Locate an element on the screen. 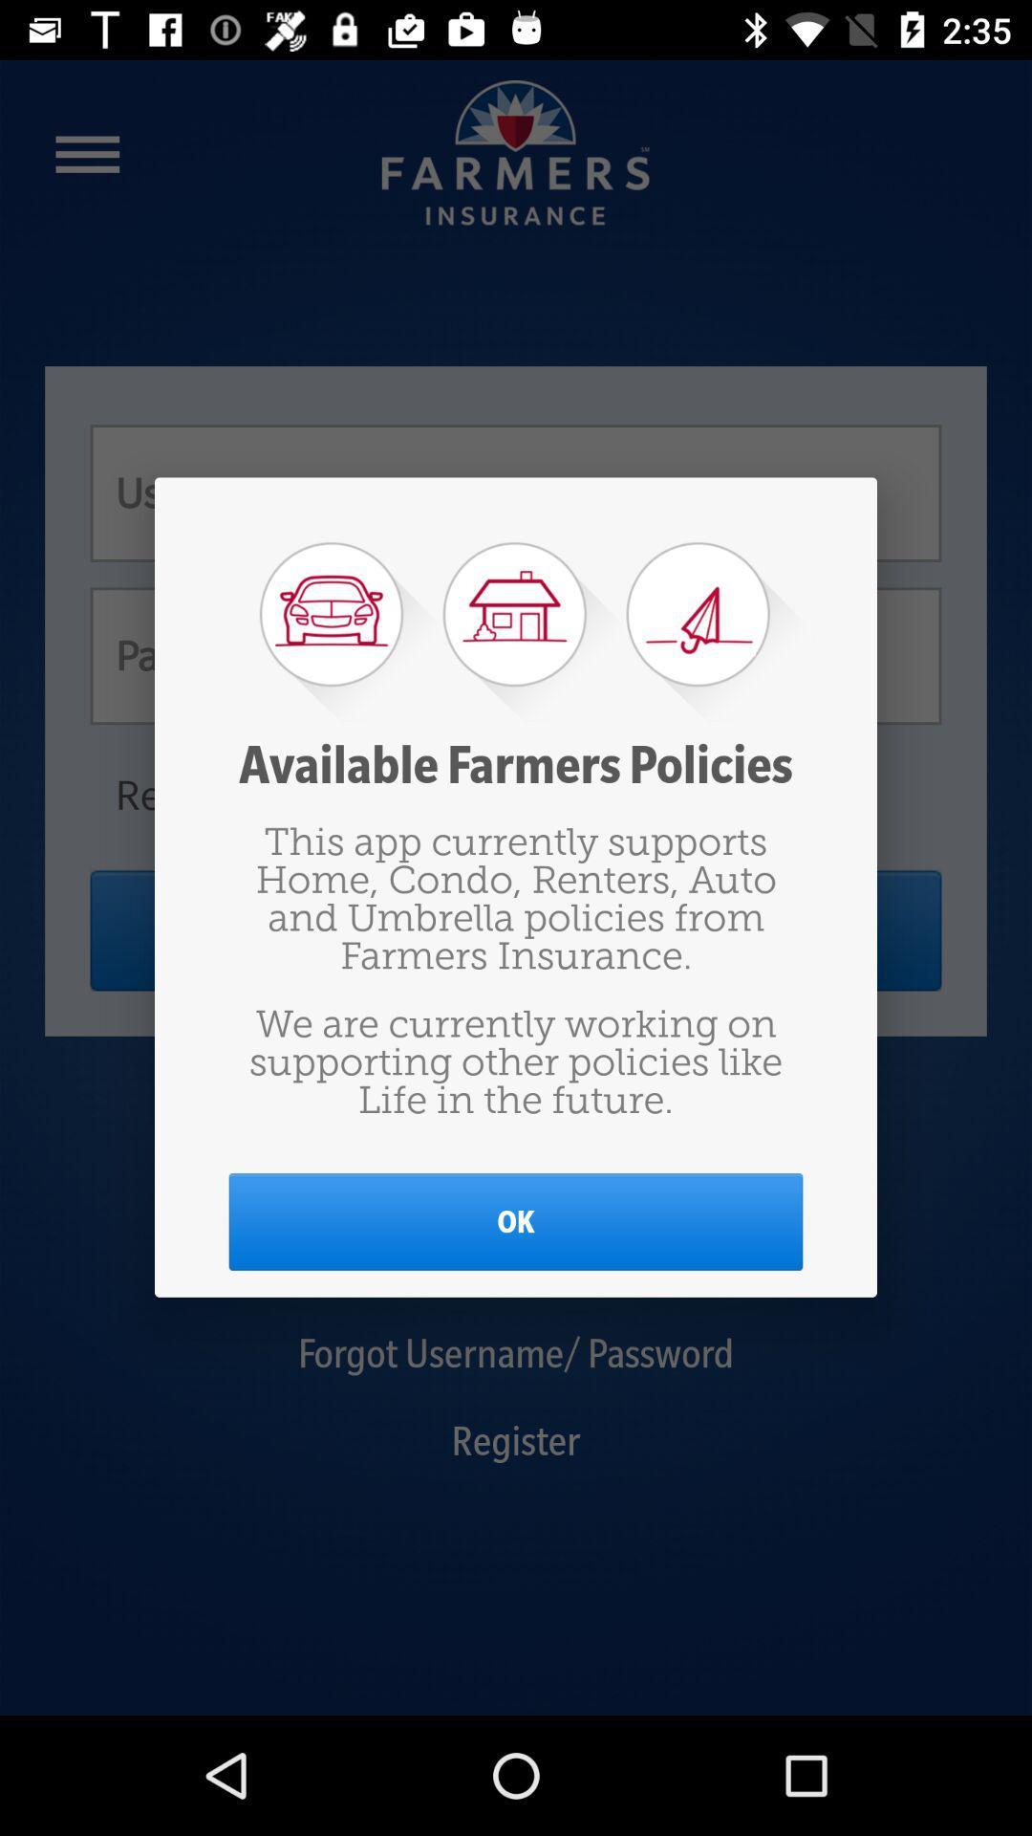 The width and height of the screenshot is (1032, 1836). the ok item is located at coordinates (516, 1220).